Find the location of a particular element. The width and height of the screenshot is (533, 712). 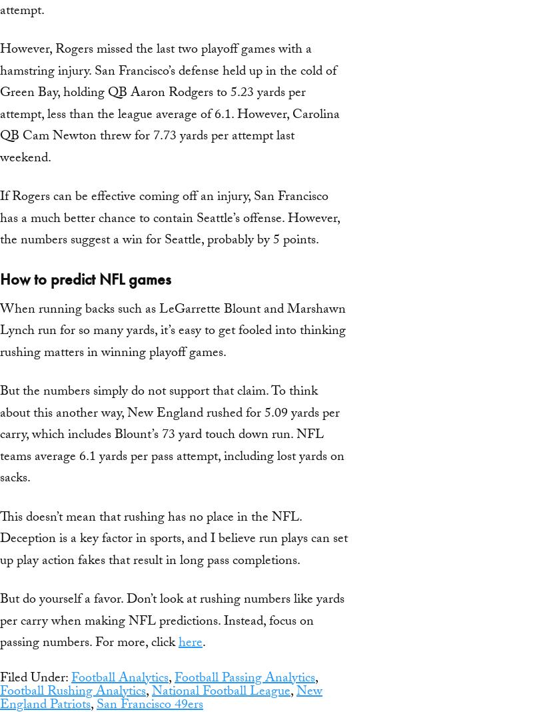

'But the numbers simply do not support that claim.  To think about this another way, New England rushed for 5.09 yards per carry, which includes Blount’s 73 yard touch down run.  NFL teams average 6.1 yards per pass attempt, including lost yards on sacks.' is located at coordinates (171, 435).